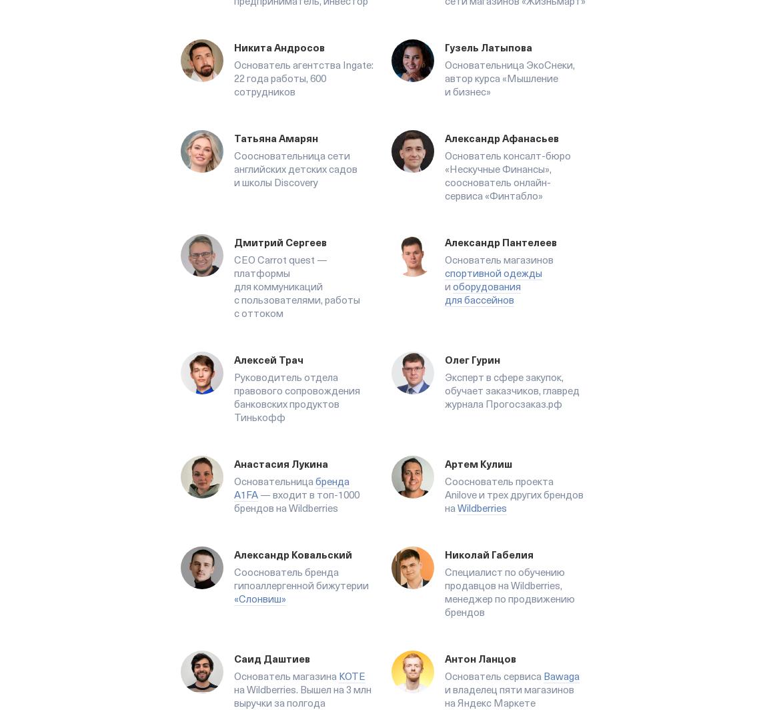 The image size is (767, 710). I want to click on 'Основатель агентства Ingate: 22 года работы, 600 сотрудников', so click(303, 78).